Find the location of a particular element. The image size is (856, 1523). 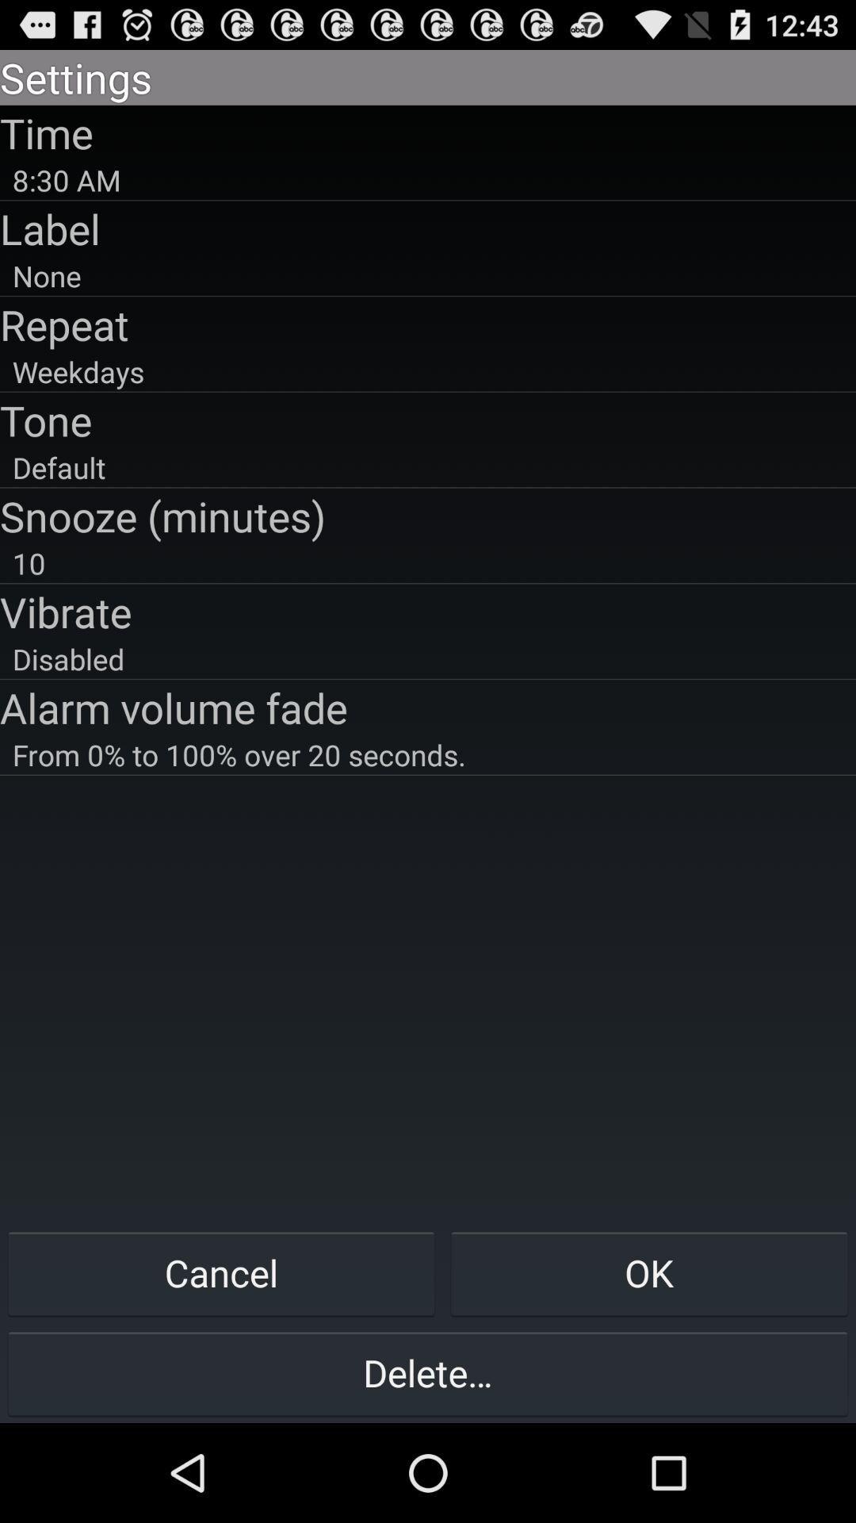

the repeat icon is located at coordinates (428, 324).